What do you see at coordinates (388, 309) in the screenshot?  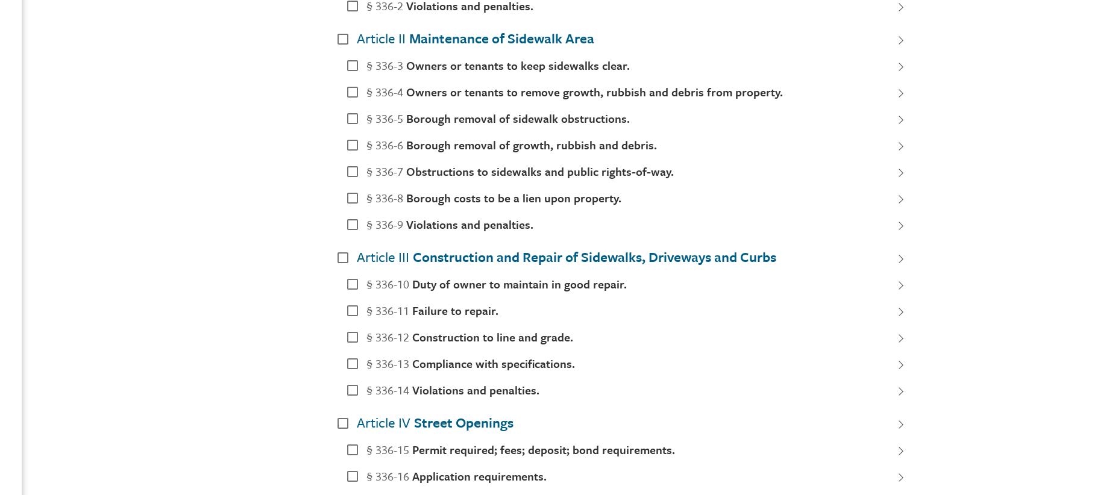 I see `'§ 336-11'` at bounding box center [388, 309].